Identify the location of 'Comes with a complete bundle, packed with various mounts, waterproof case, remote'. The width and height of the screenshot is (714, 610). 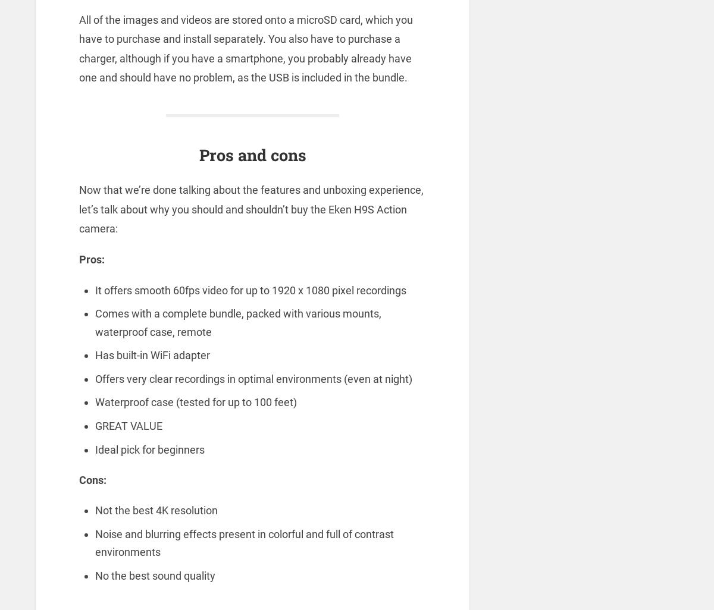
(237, 322).